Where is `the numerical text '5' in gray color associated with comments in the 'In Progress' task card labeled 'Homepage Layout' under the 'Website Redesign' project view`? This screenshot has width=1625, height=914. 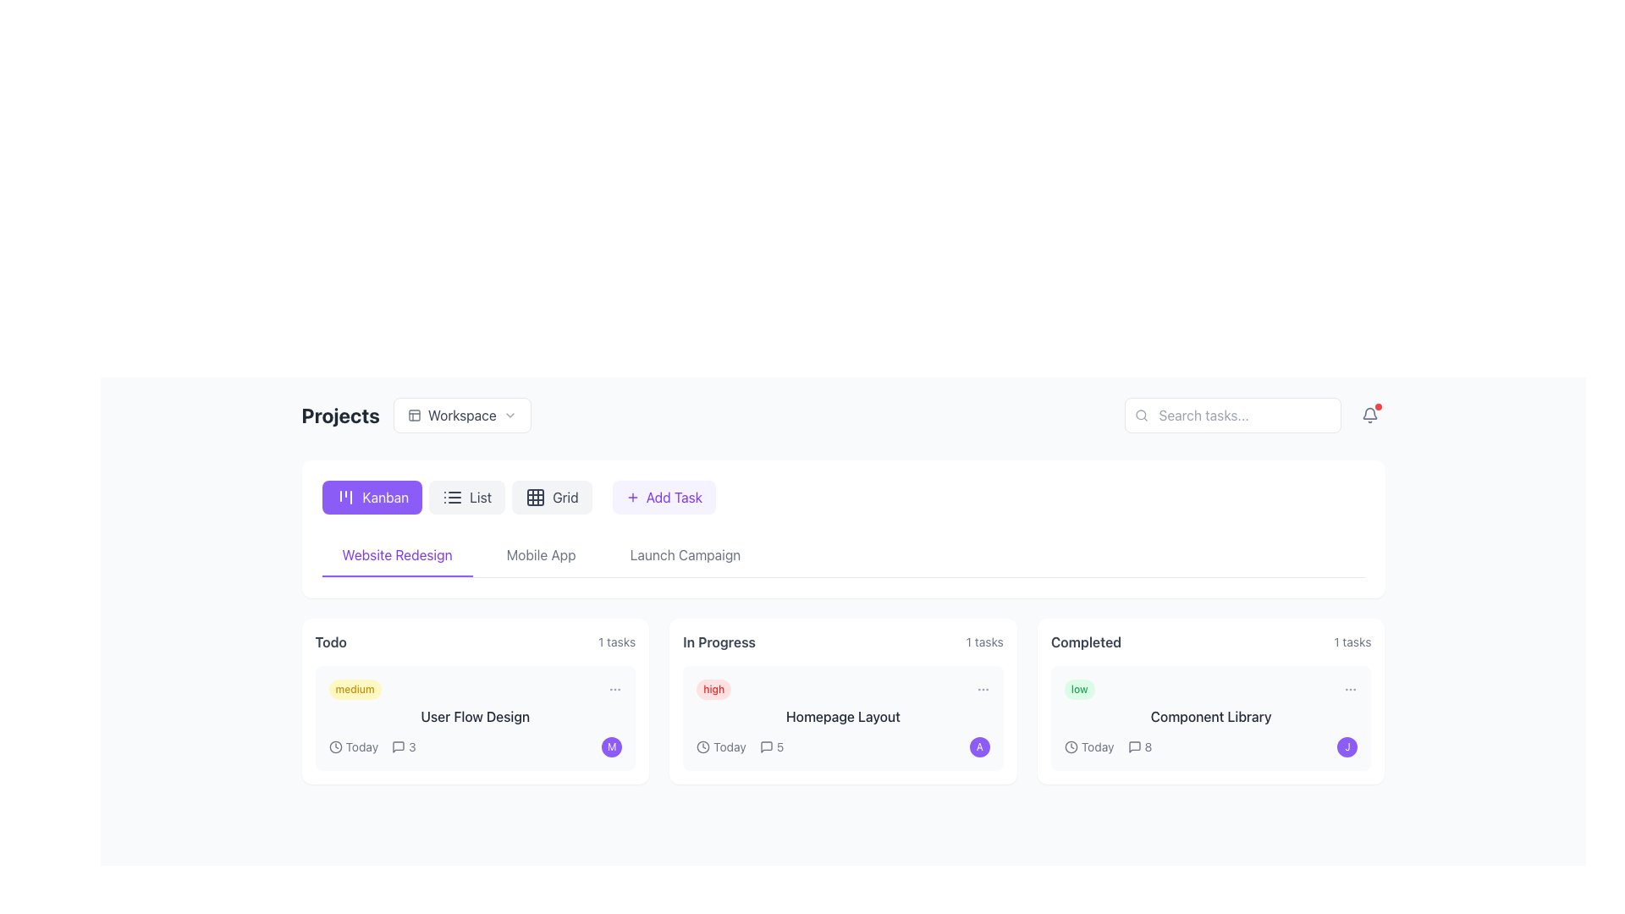
the numerical text '5' in gray color associated with comments in the 'In Progress' task card labeled 'Homepage Layout' under the 'Website Redesign' project view is located at coordinates (779, 746).